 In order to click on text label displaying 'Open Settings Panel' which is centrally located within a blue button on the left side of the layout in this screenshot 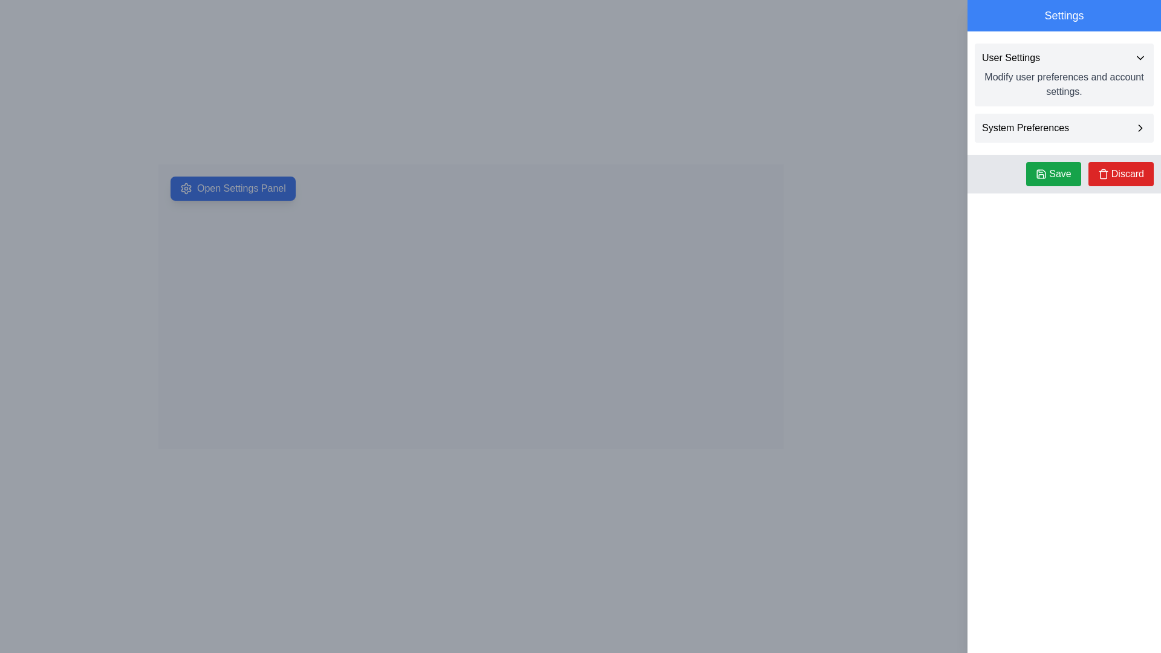, I will do `click(241, 189)`.